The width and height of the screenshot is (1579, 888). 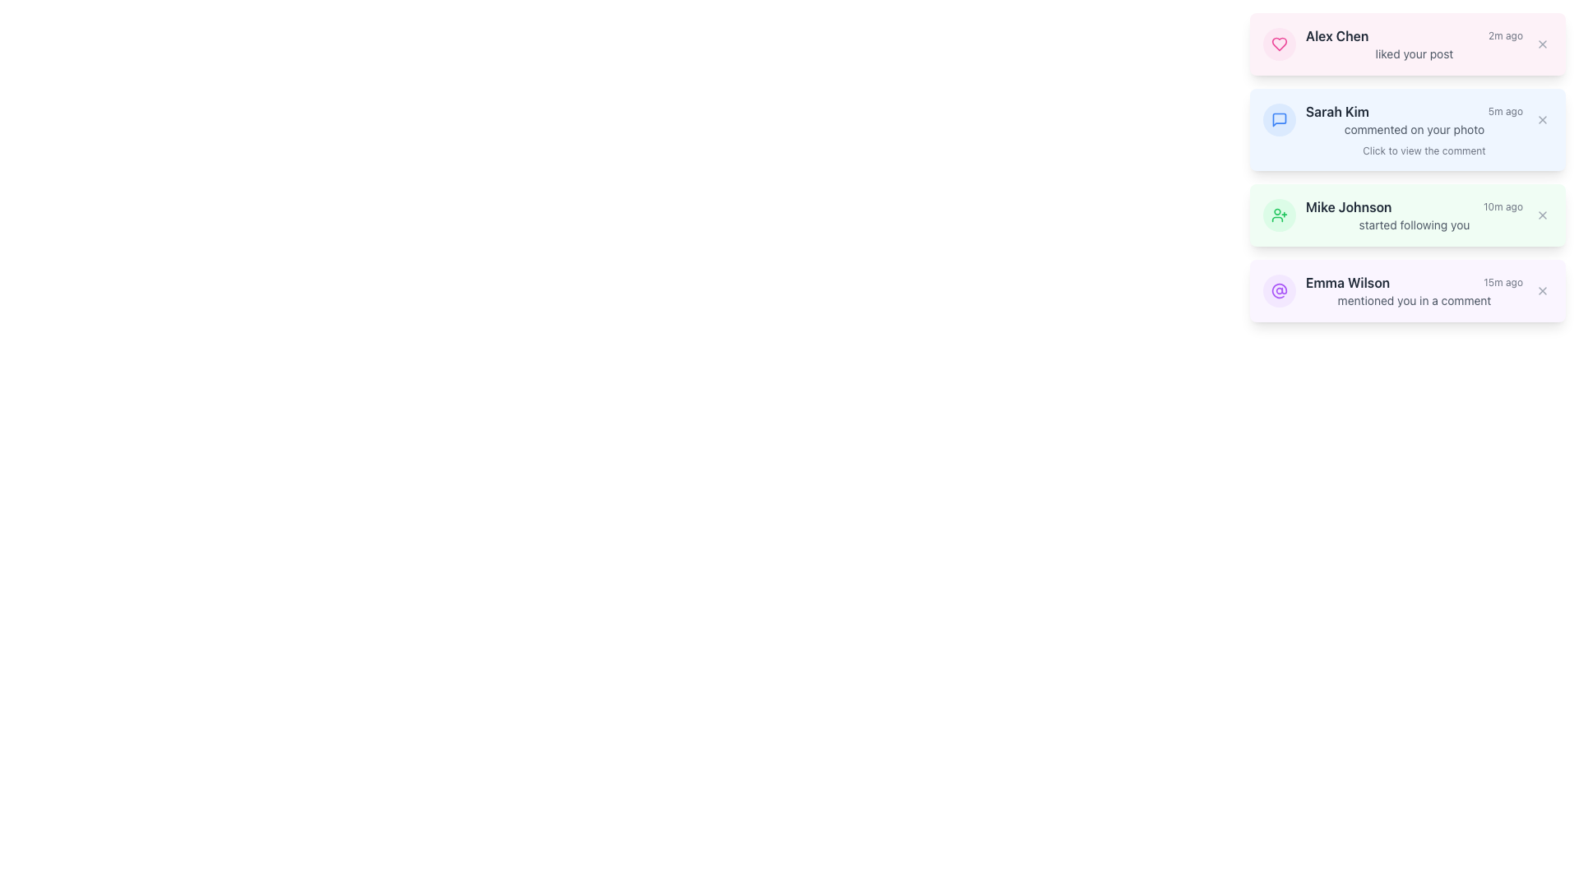 I want to click on the Notification card that notifies the user about 'Emma Wilson' mentioning them in a comment 15 minutes ago, which is the fourth in a vertically stacked list of notifications, so click(x=1407, y=290).